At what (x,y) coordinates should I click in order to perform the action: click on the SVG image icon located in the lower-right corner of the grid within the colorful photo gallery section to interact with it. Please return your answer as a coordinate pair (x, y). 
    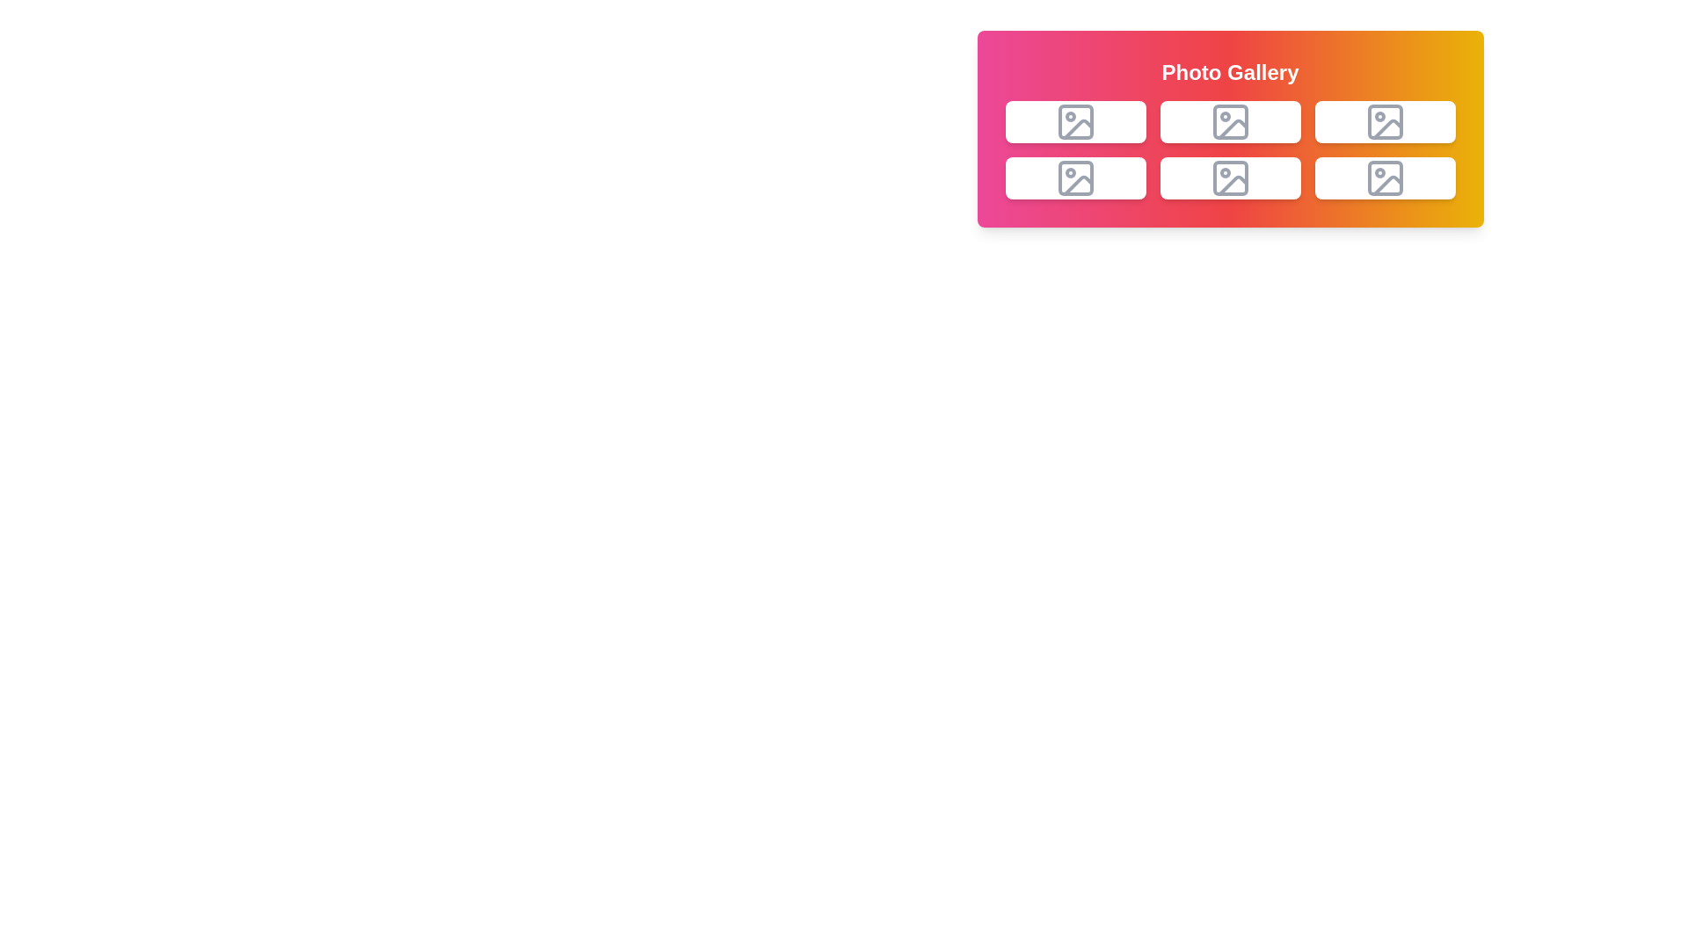
    Looking at the image, I should click on (1384, 178).